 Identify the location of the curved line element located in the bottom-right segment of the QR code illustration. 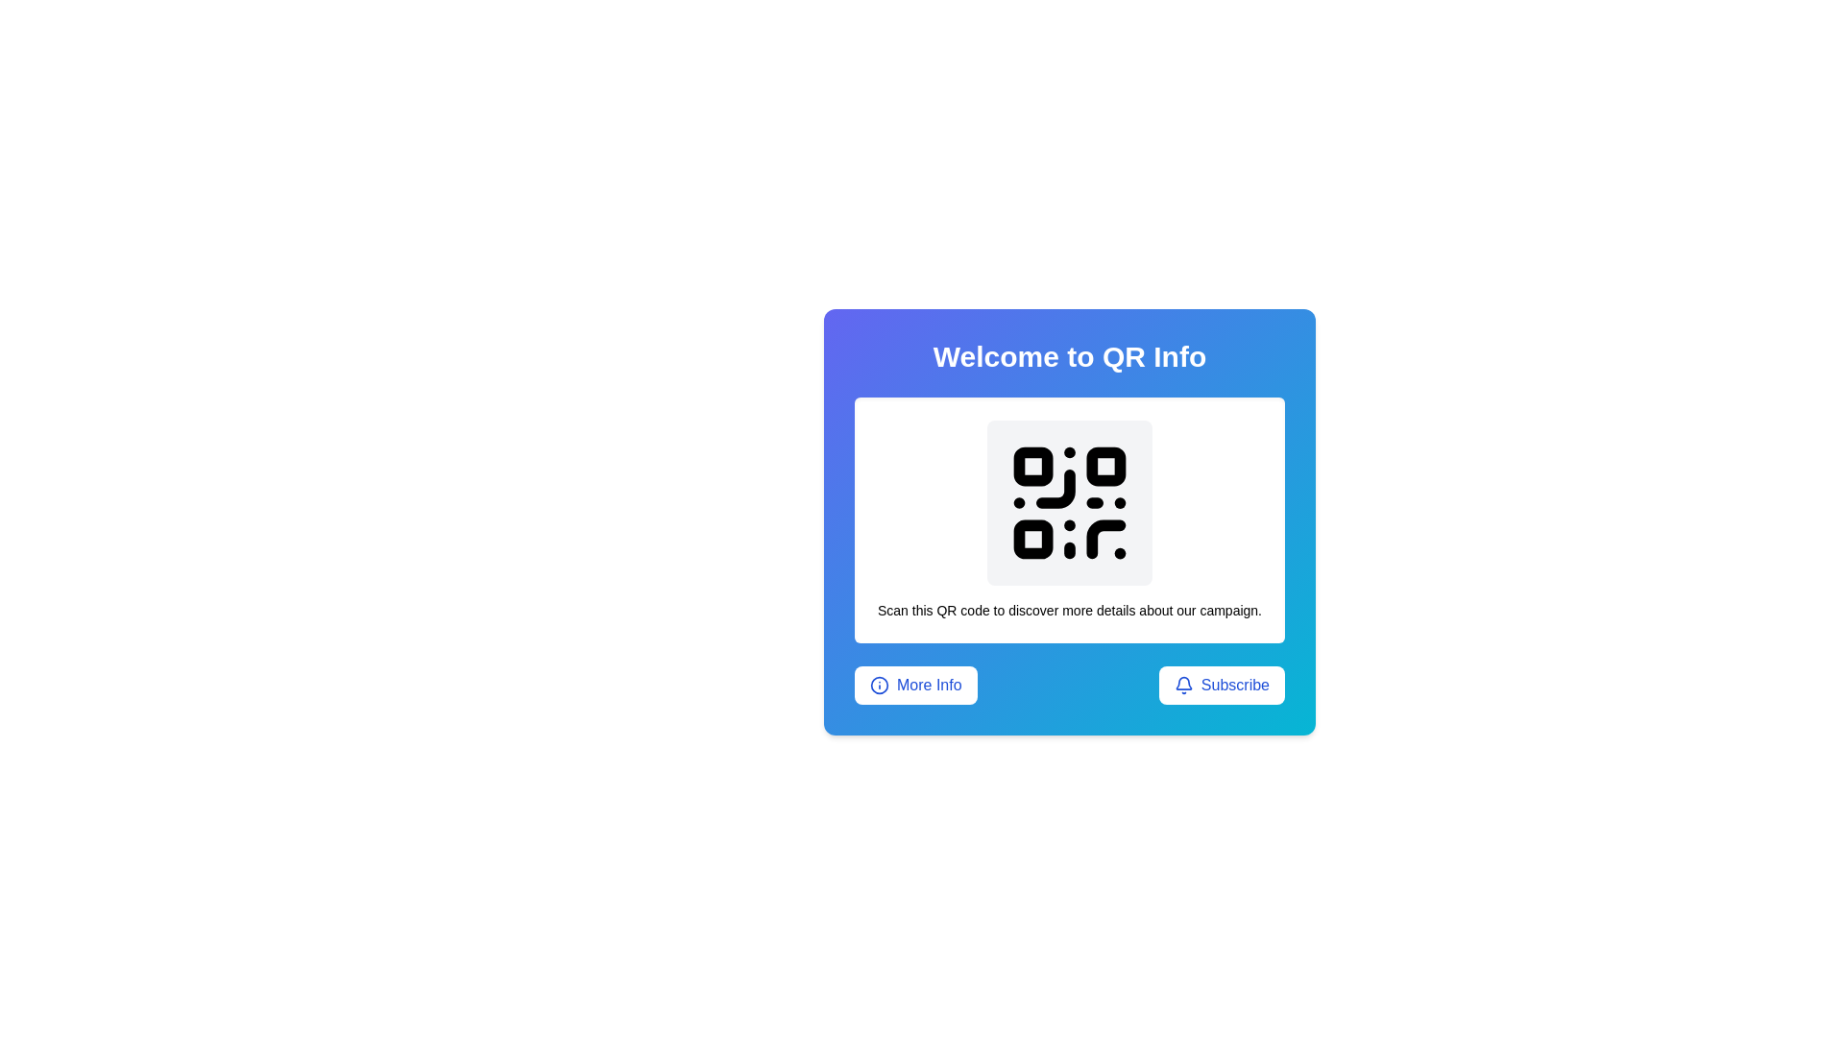
(1106, 539).